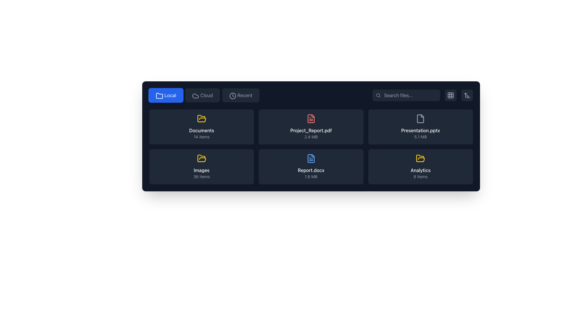 This screenshot has height=316, width=563. What do you see at coordinates (450, 95) in the screenshot?
I see `the interactive button represented by an SVG graphic icon in the top-right section of the main interface` at bounding box center [450, 95].